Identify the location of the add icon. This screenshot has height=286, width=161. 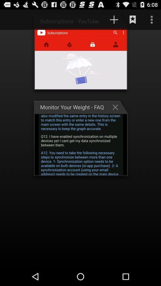
(117, 22).